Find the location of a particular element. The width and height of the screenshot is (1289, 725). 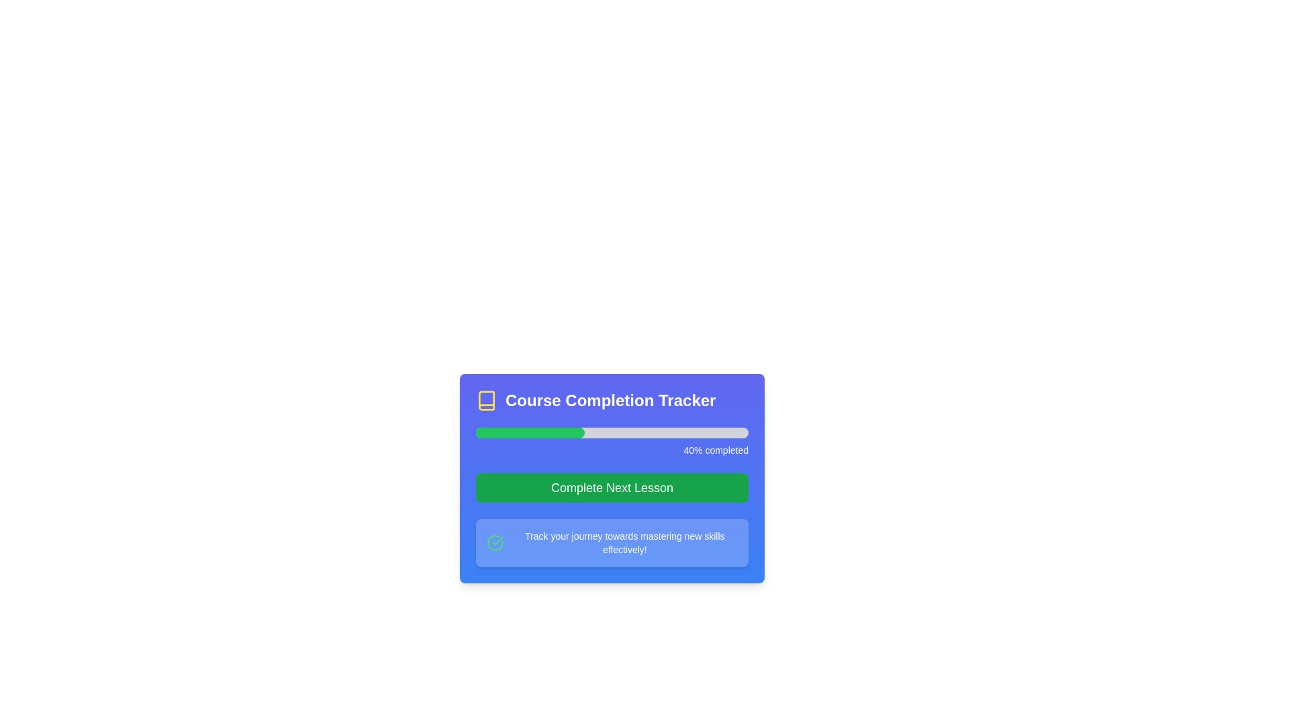

the progress bar that visually represents 40% course completion, located below the 'Course Completion Tracker' heading and above the 'Complete Next Lesson' button is located at coordinates (612, 442).